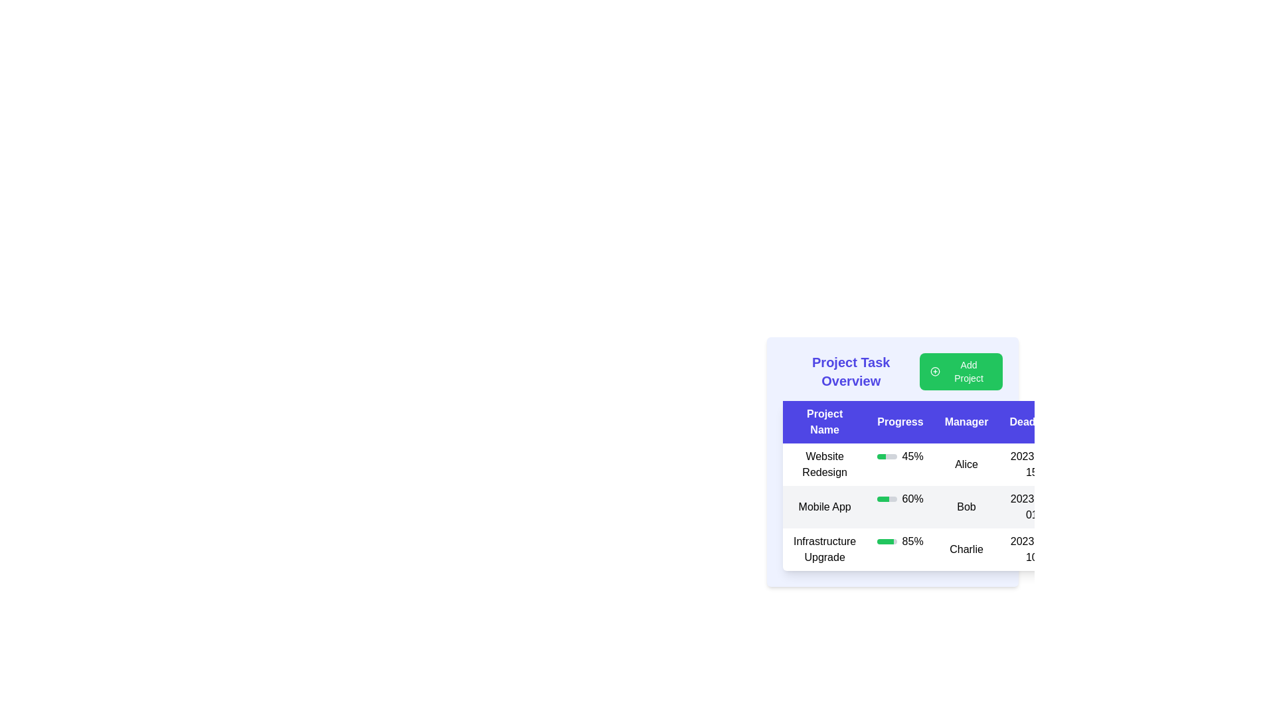 The width and height of the screenshot is (1275, 717). Describe the element at coordinates (824, 507) in the screenshot. I see `label text indicating the name of the second project in the 'Project Task Overview' table located under the 'Project Name' column` at that location.